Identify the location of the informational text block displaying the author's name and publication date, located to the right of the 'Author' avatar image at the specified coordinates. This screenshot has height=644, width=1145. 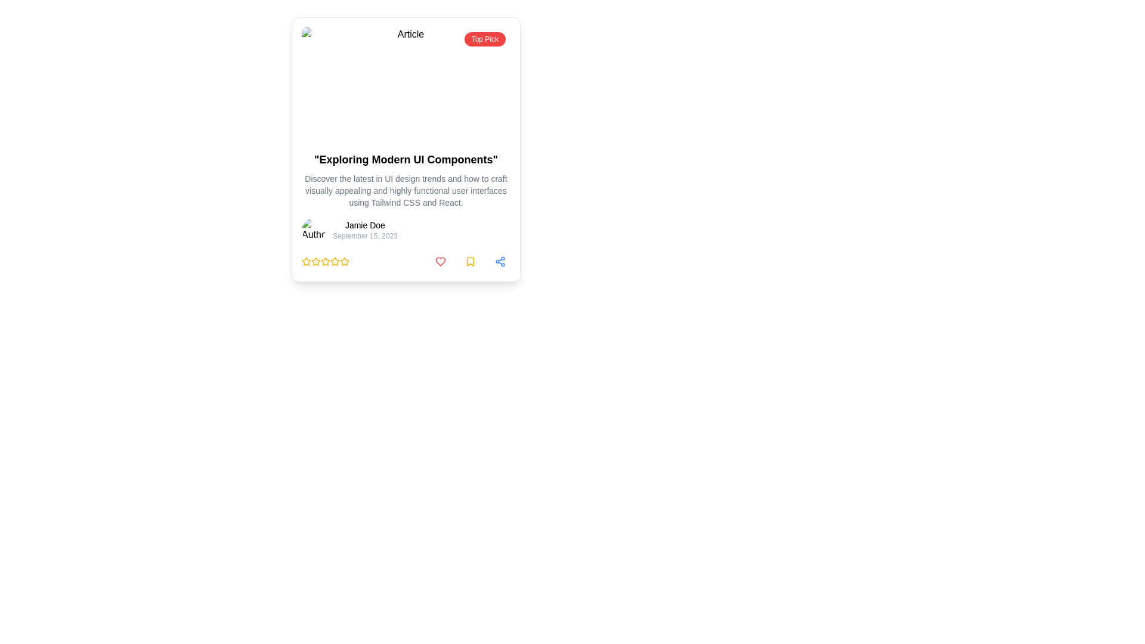
(364, 230).